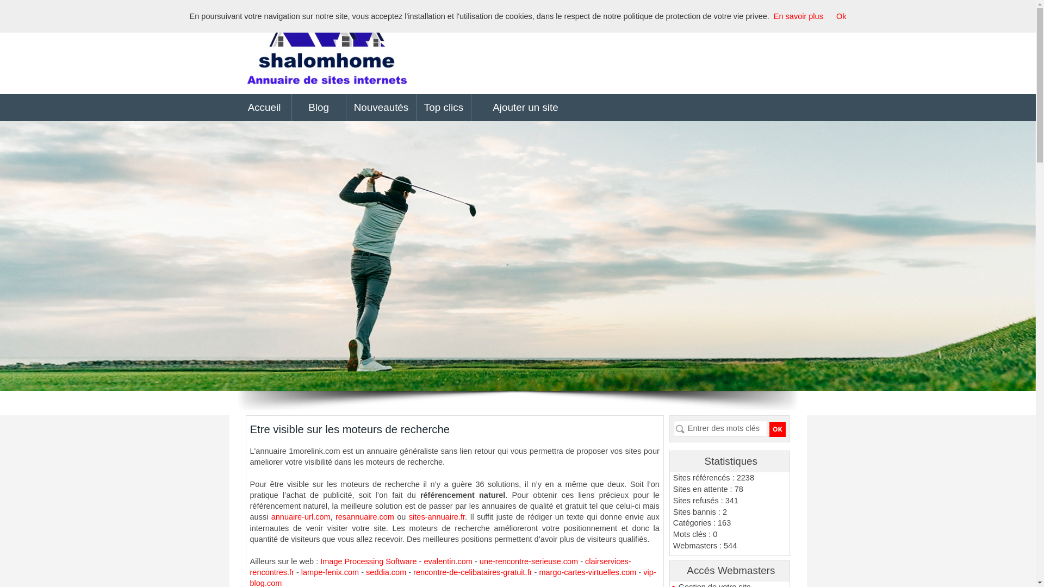  I want to click on '1morelink.com - Annuaire de sites internet', so click(326, 46).